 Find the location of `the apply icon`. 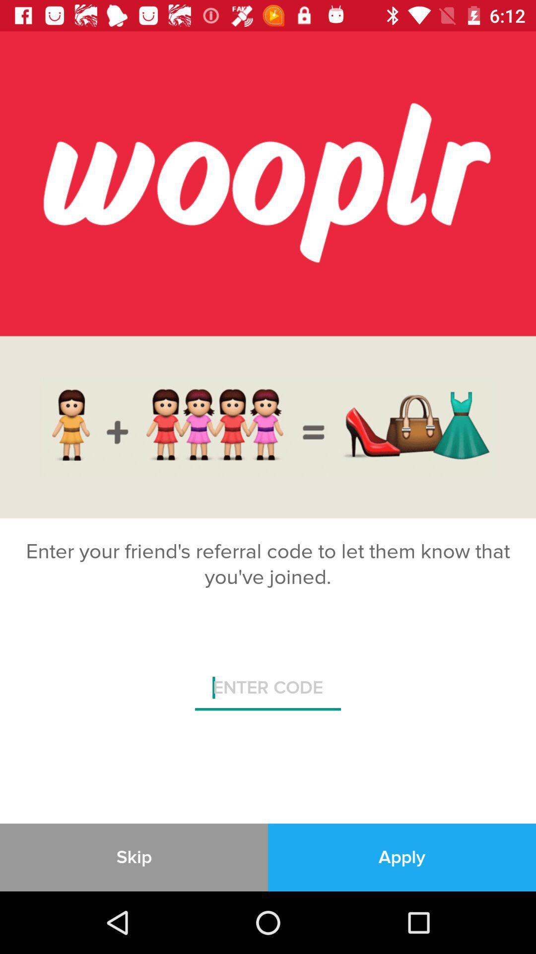

the apply icon is located at coordinates (402, 857).